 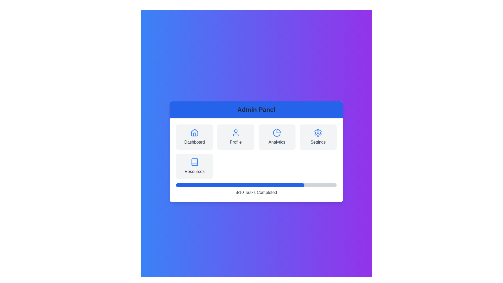 I want to click on the menu option Resources to observe its hover effect, so click(x=194, y=166).